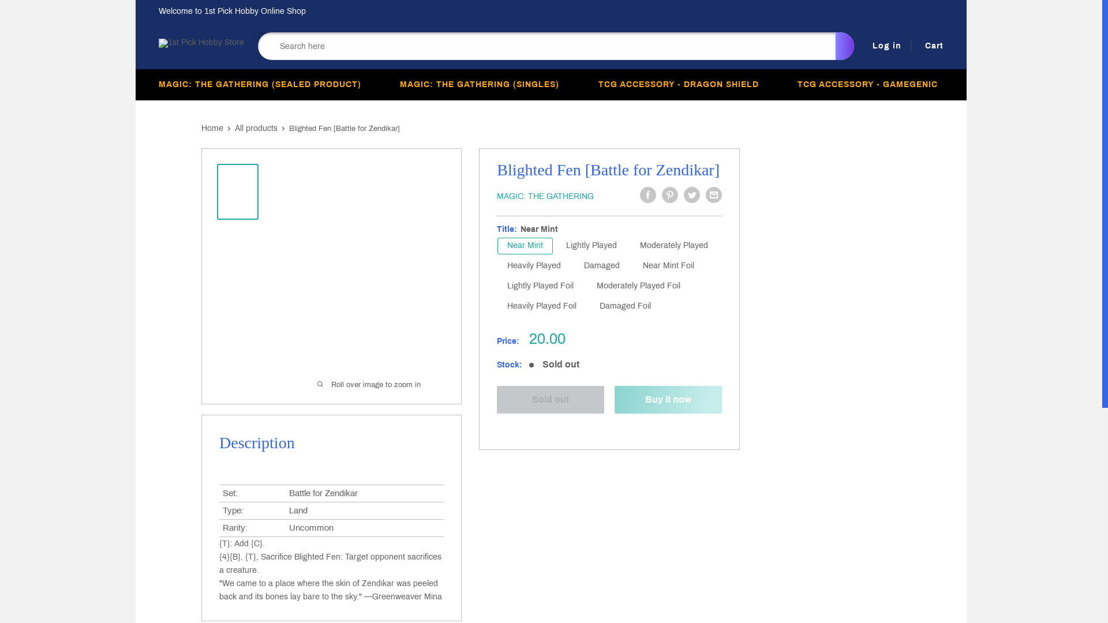 This screenshot has height=623, width=1108. What do you see at coordinates (212, 128) in the screenshot?
I see `'Home'` at bounding box center [212, 128].